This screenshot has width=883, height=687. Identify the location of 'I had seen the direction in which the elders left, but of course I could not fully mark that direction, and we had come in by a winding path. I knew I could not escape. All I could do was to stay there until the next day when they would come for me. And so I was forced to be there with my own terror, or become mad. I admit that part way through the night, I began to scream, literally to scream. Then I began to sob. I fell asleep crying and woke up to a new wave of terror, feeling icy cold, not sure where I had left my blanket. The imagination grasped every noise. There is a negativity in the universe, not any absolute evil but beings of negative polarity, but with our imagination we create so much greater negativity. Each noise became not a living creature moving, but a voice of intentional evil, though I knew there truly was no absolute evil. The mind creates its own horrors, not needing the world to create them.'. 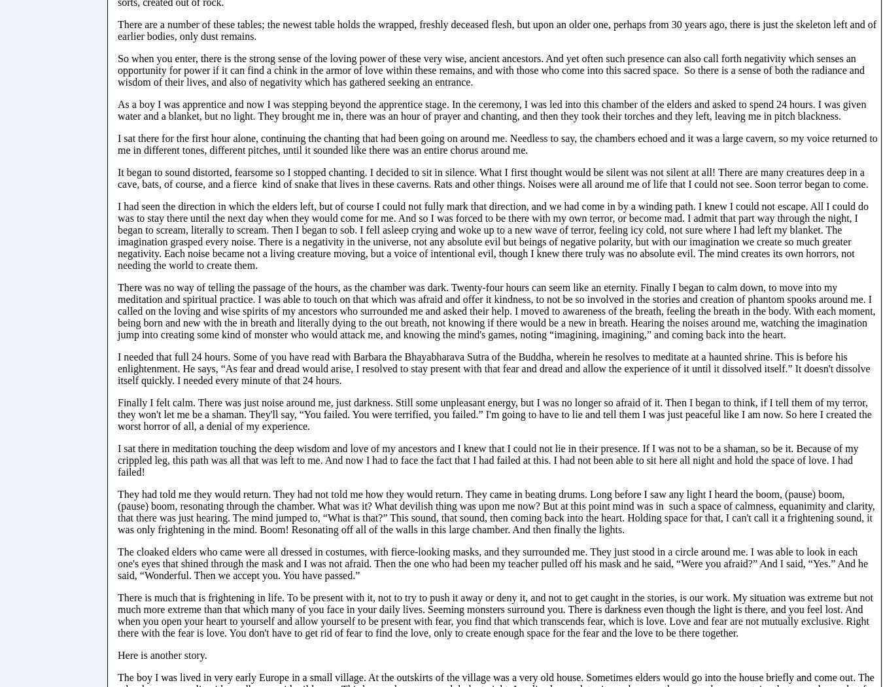
(492, 234).